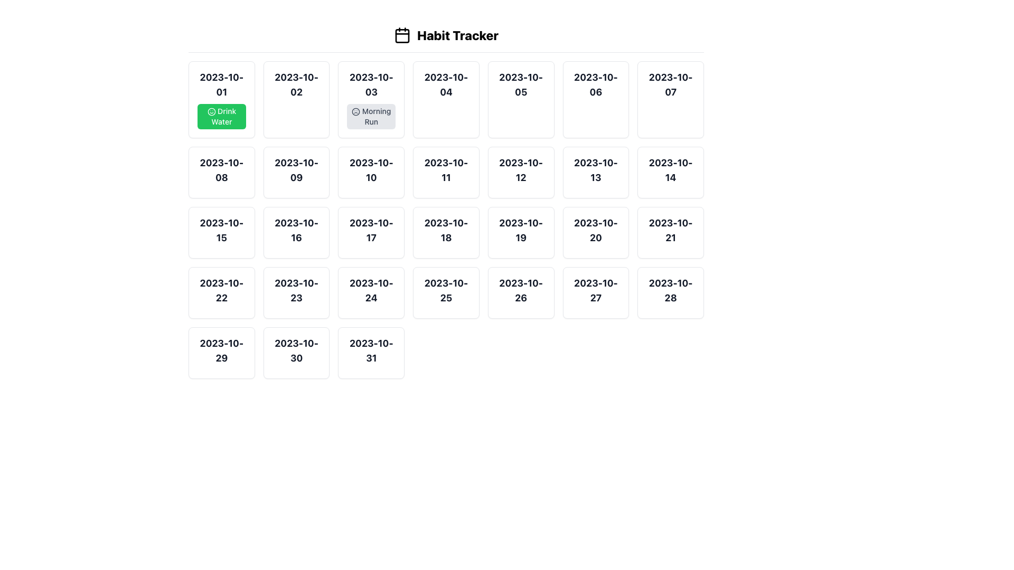 This screenshot has width=1014, height=570. I want to click on the Text Label displaying the date '2023-10-28' in bold, large dark gray font, located in the habit tracker interface, so click(670, 291).